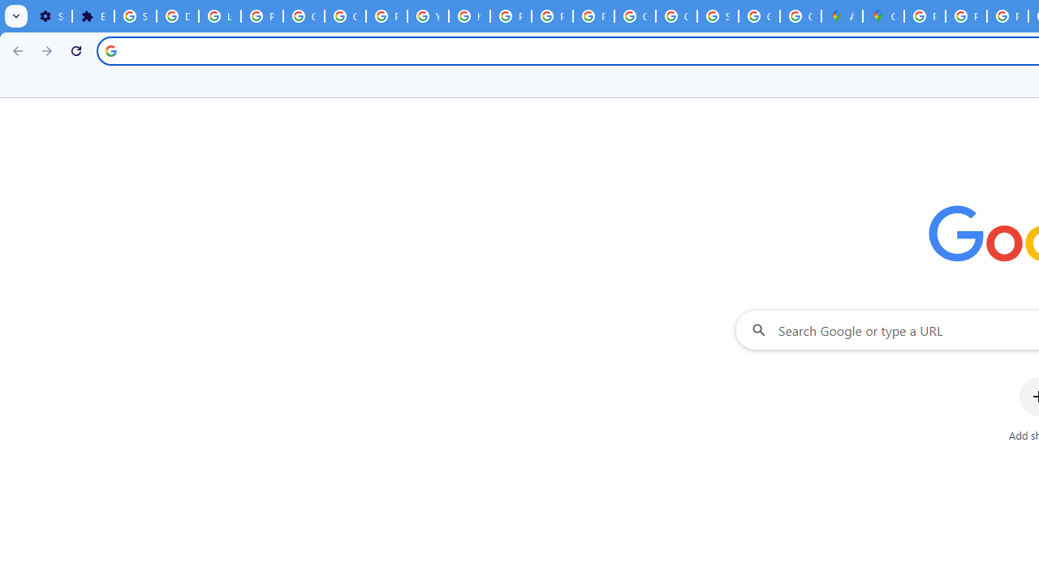  Describe the element at coordinates (510, 16) in the screenshot. I see `'Privacy Help Center - Policies Help'` at that location.